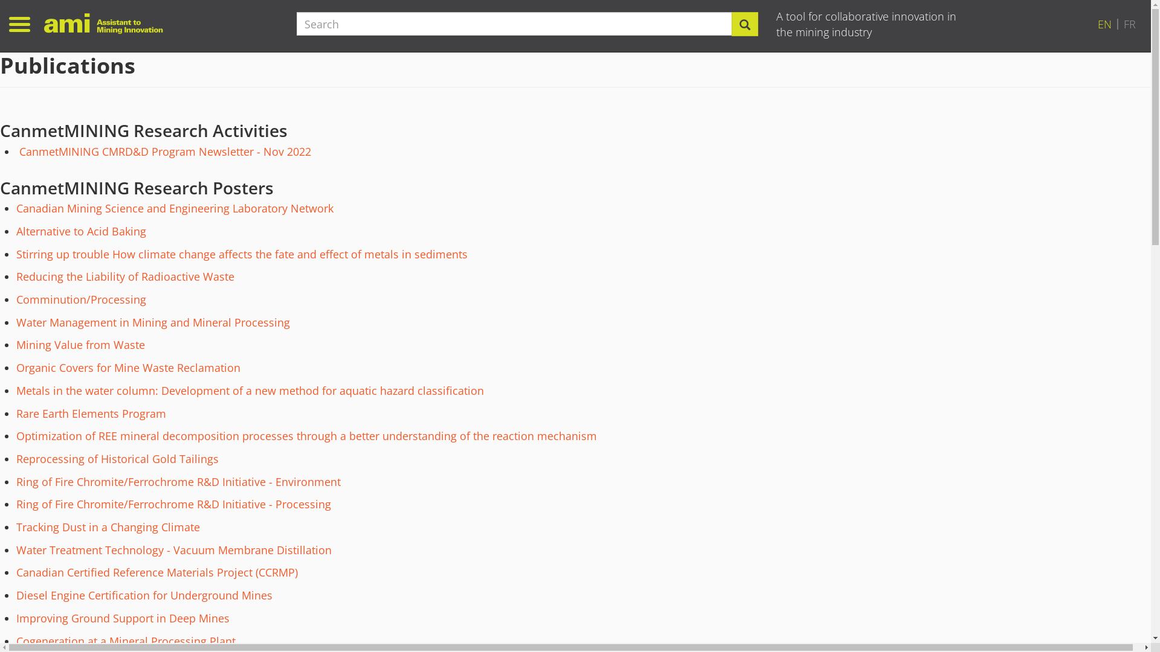 The image size is (1160, 652). Describe the element at coordinates (173, 549) in the screenshot. I see `'Water Treatment Technology - Vacuum Membrane Distillation'` at that location.